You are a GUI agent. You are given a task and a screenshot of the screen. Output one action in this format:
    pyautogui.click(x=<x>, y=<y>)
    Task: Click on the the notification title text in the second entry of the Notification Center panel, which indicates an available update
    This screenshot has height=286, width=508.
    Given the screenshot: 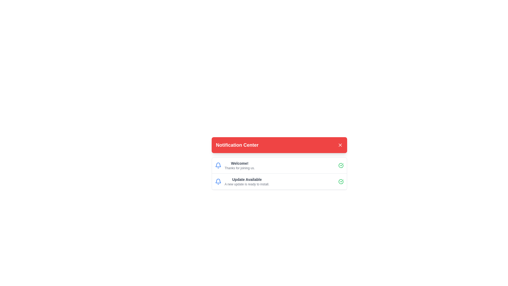 What is the action you would take?
    pyautogui.click(x=247, y=179)
    